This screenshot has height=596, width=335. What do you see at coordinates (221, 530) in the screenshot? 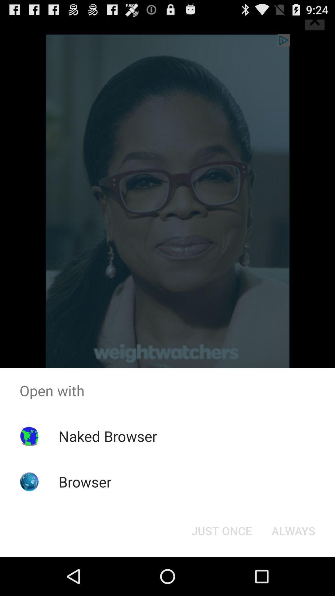
I see `item at the bottom` at bounding box center [221, 530].